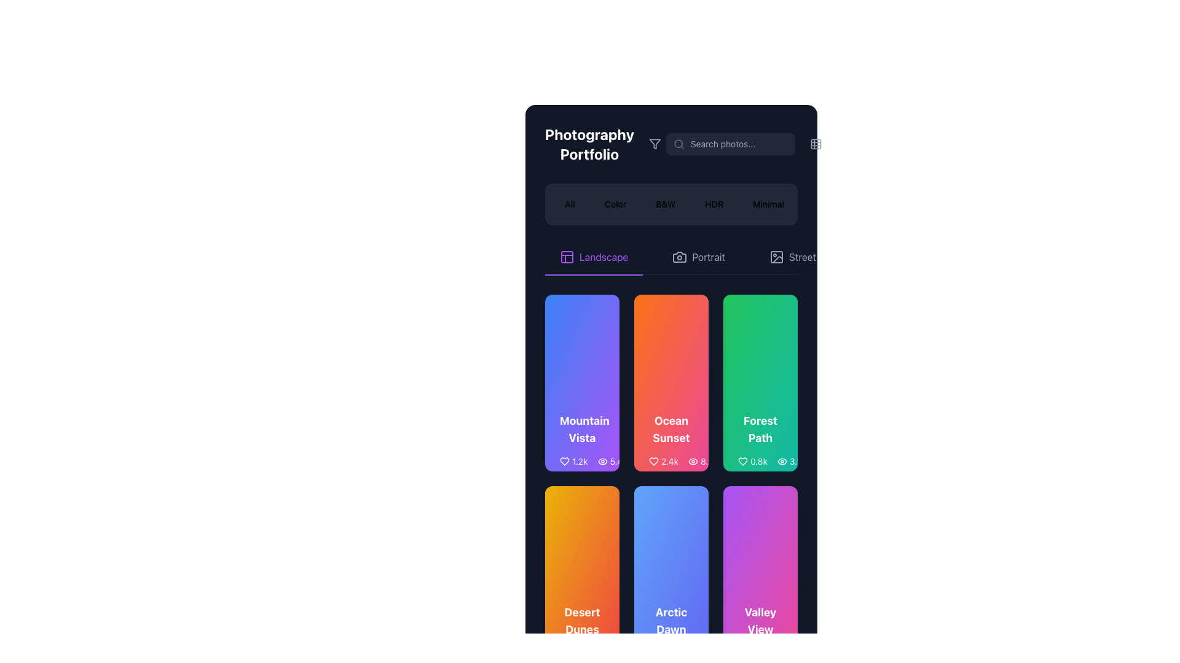 This screenshot has height=663, width=1180. What do you see at coordinates (714, 203) in the screenshot?
I see `the 'HDR' button, which is the fourth button in a horizontal row of five buttons` at bounding box center [714, 203].